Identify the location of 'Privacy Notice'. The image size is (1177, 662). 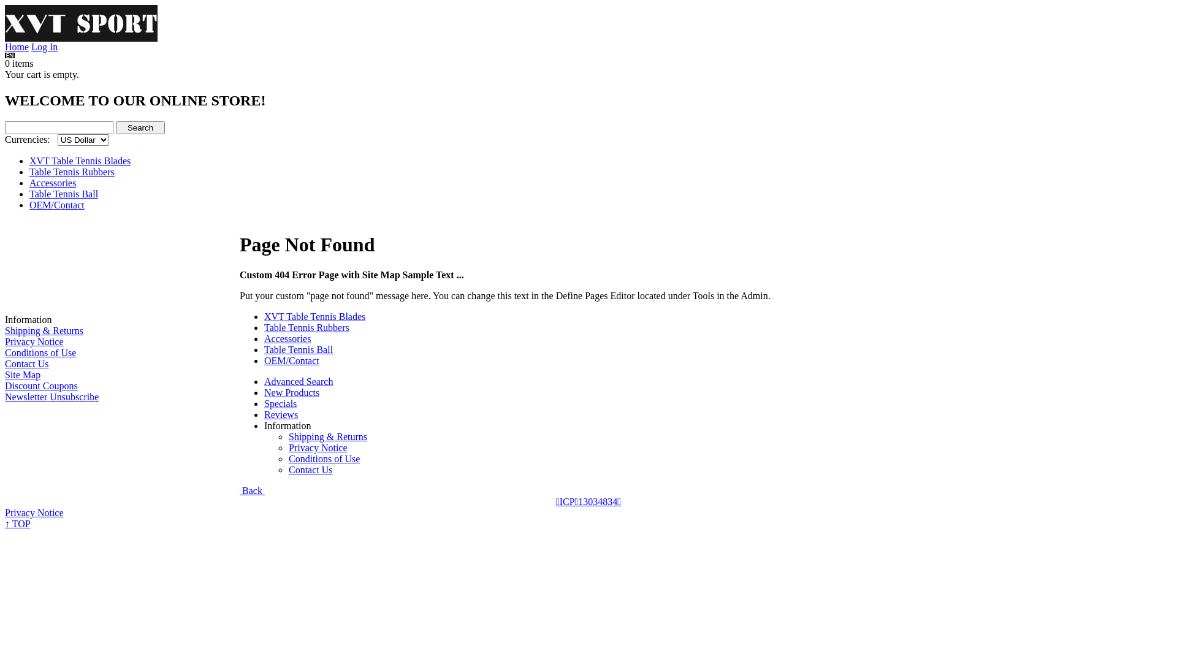
(34, 512).